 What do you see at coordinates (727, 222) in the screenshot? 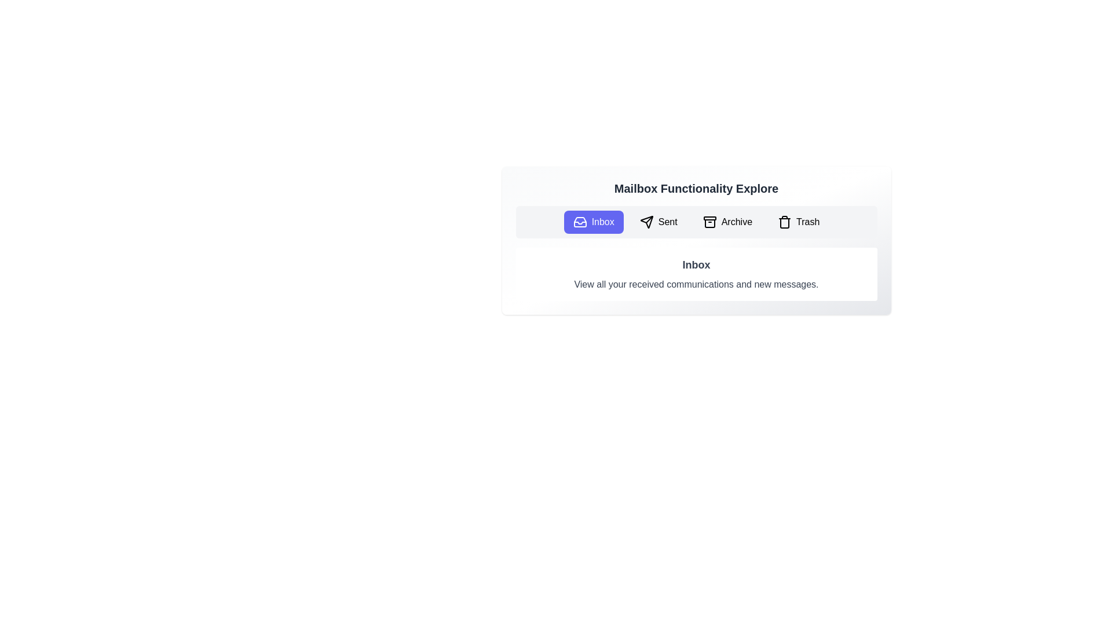
I see `the Archive tab` at bounding box center [727, 222].